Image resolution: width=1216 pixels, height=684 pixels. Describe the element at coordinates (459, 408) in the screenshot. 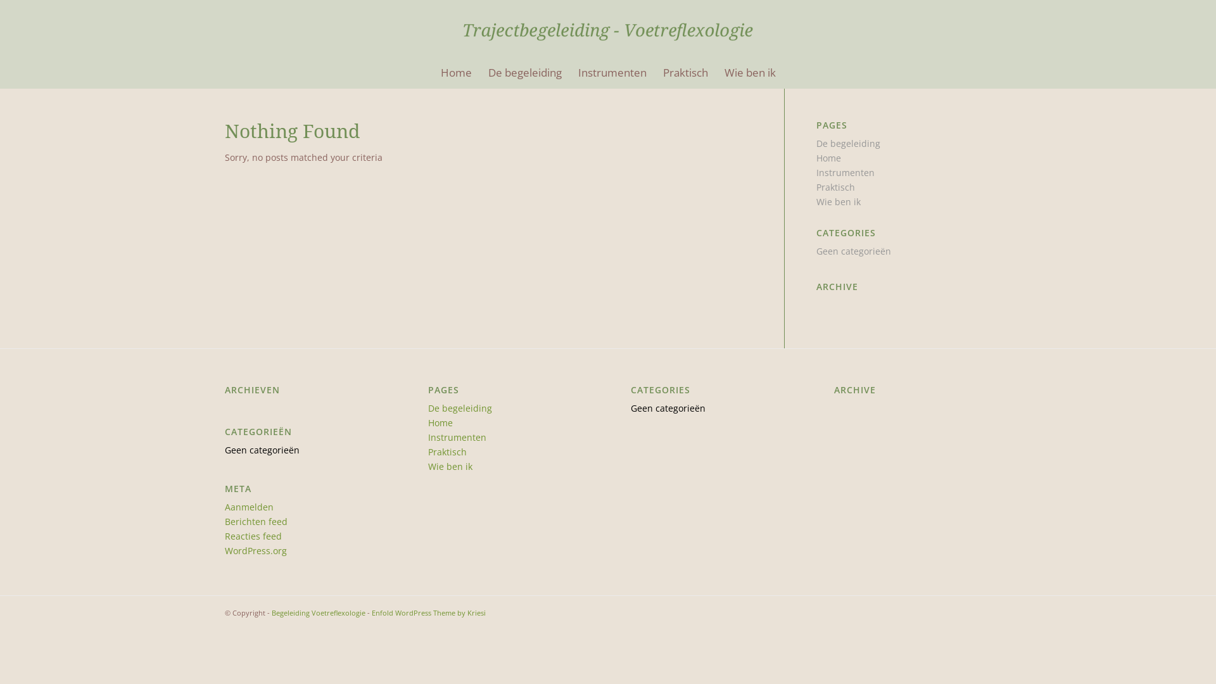

I see `'De begeleiding'` at that location.